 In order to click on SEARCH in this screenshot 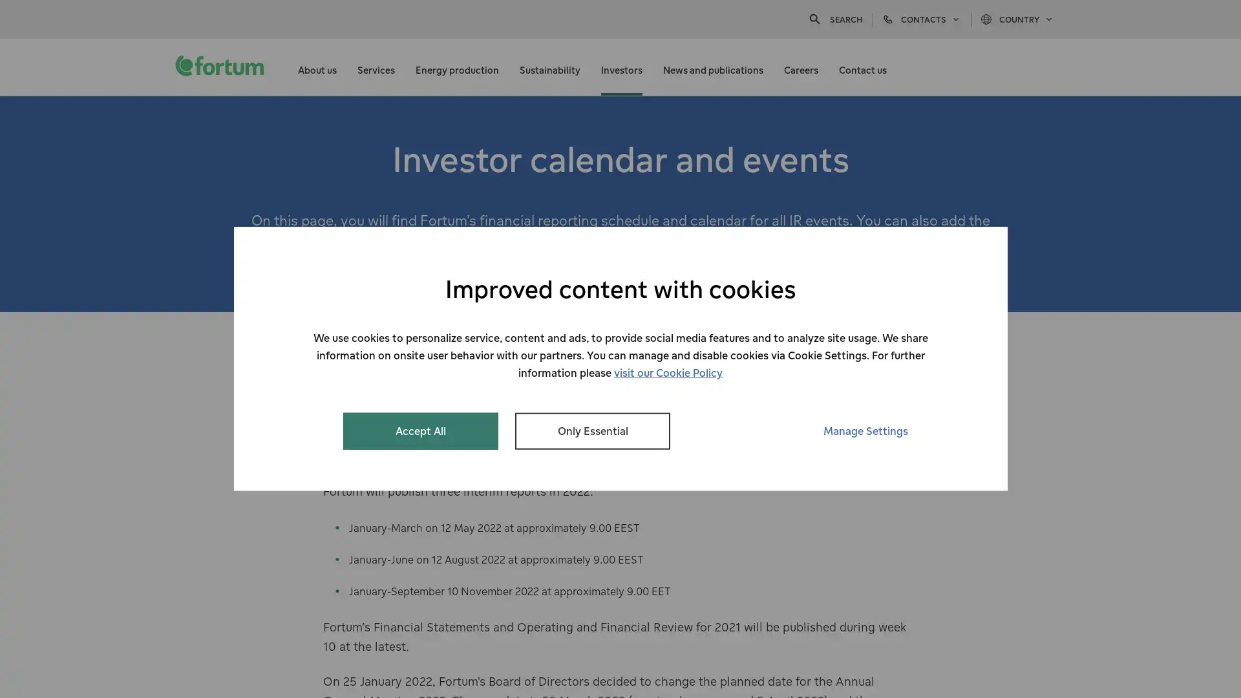, I will do `click(834, 19)`.